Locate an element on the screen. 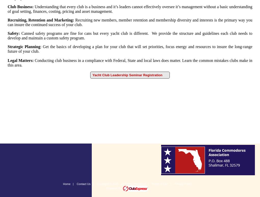 This screenshot has height=197, width=260. 'C' is located at coordinates (9, 7).